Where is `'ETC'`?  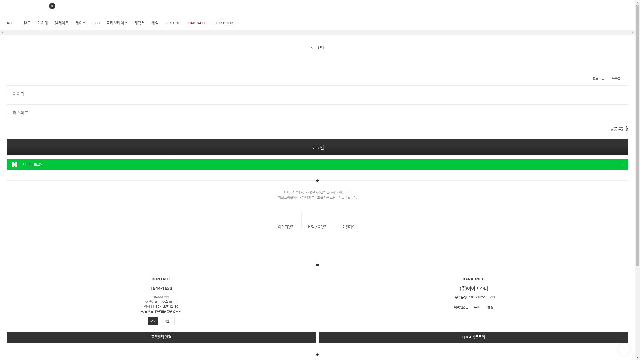
'ETC' is located at coordinates (96, 23).